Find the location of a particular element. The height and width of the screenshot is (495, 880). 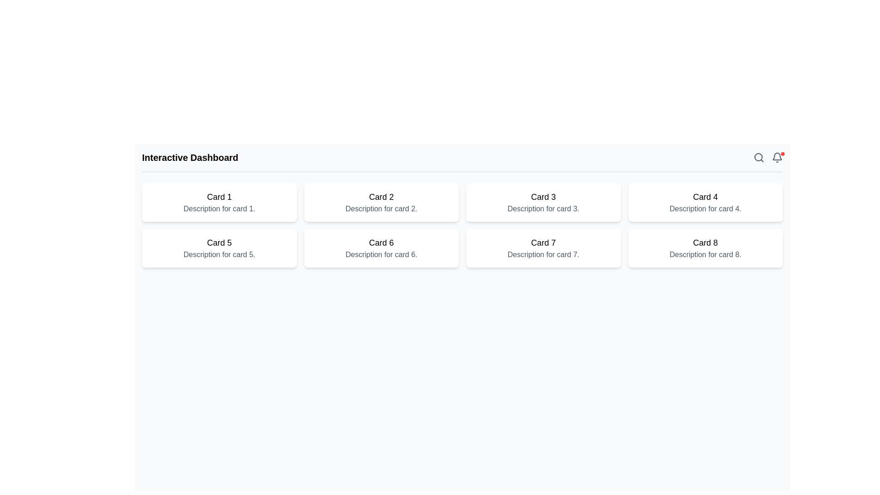

text from the Text Label that displays 'Description for card 3.' styled in gray font, located inside Card 3 below the title 'Card 3' is located at coordinates (543, 209).